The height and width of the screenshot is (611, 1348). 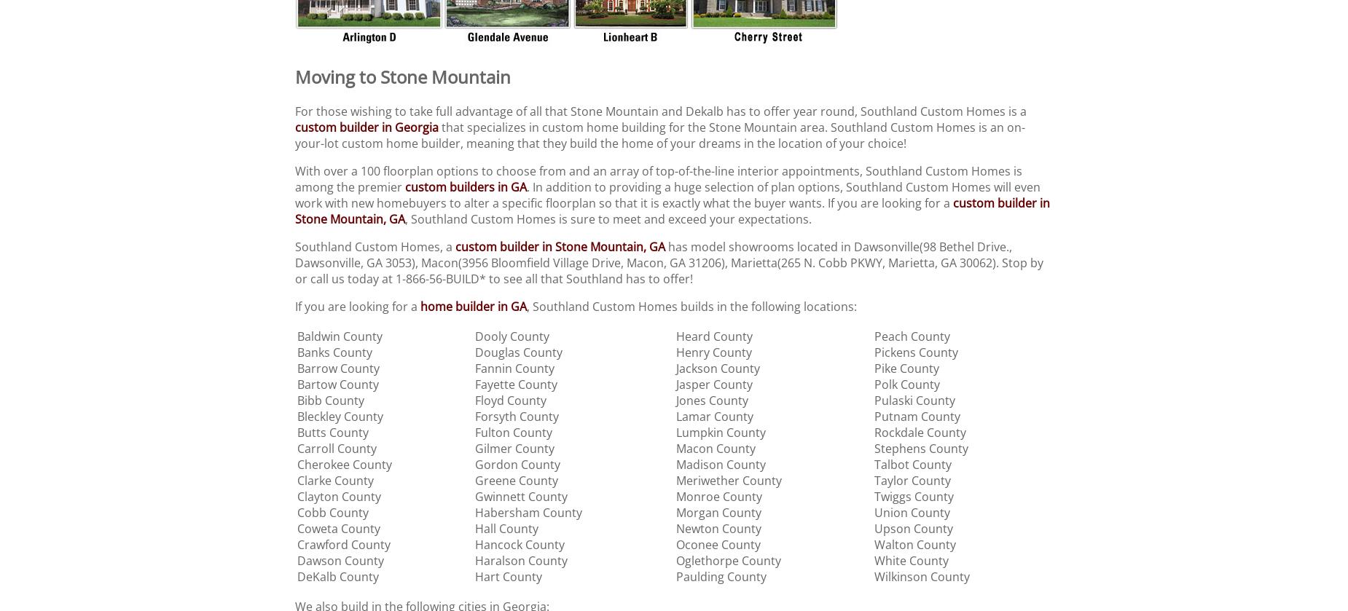 I want to click on 'Clayton County', so click(x=339, y=495).